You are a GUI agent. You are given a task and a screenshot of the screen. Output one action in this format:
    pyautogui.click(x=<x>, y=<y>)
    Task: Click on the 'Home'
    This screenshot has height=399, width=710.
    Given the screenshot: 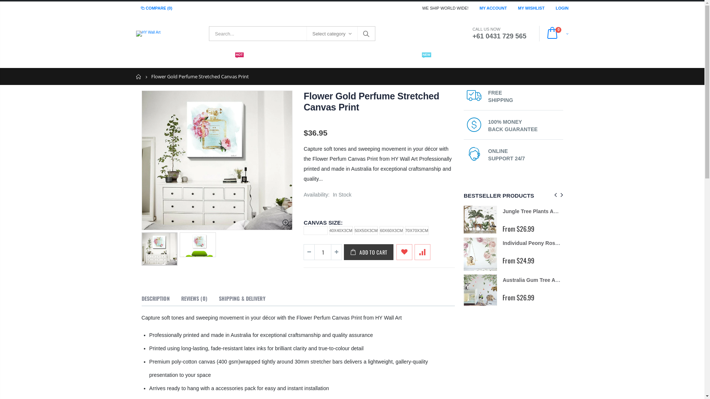 What is the action you would take?
    pyautogui.click(x=139, y=76)
    